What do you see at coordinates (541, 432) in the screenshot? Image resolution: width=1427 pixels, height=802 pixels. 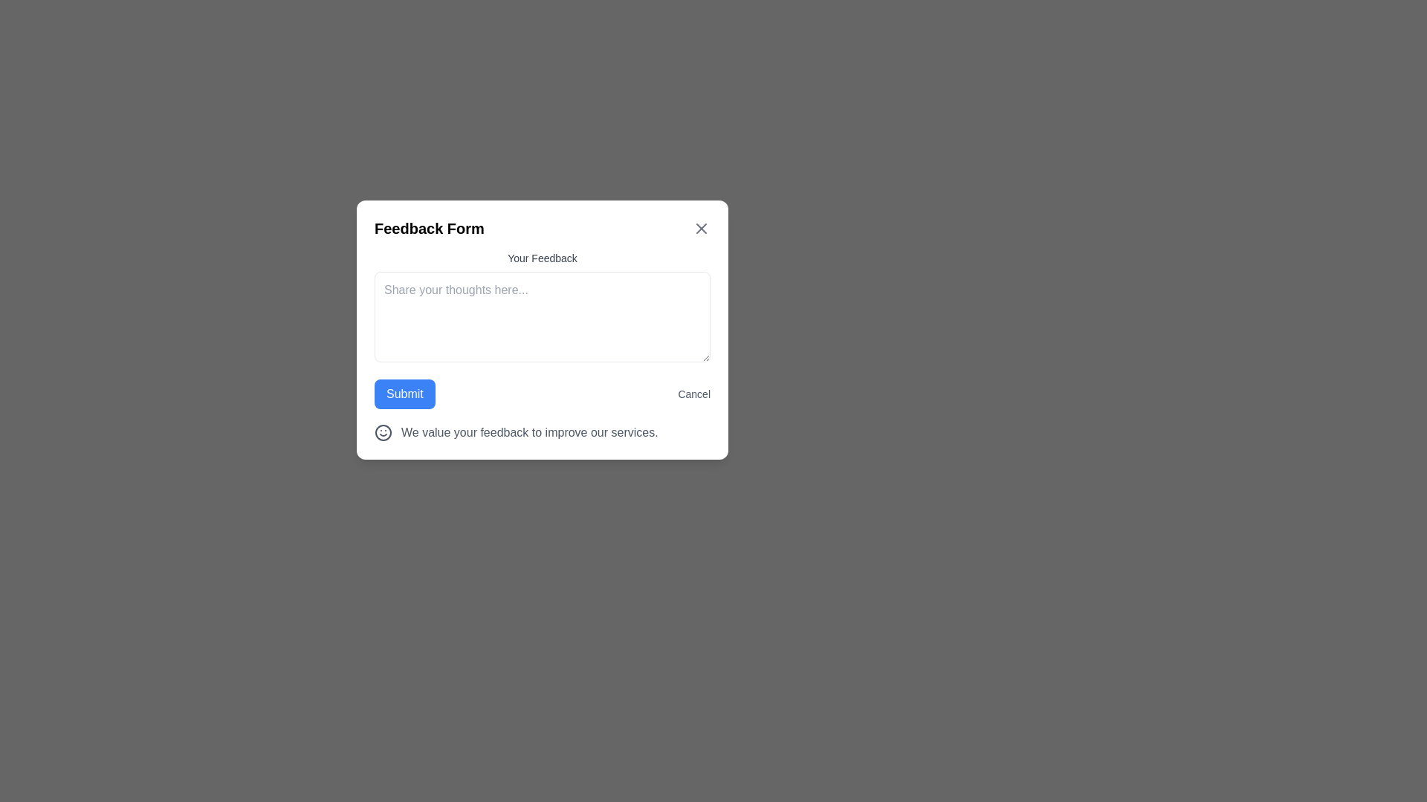 I see `the label that states 'We value your feedback to improve our services.' which is located below the submission button in the 'Feedback Form' modal` at bounding box center [541, 432].